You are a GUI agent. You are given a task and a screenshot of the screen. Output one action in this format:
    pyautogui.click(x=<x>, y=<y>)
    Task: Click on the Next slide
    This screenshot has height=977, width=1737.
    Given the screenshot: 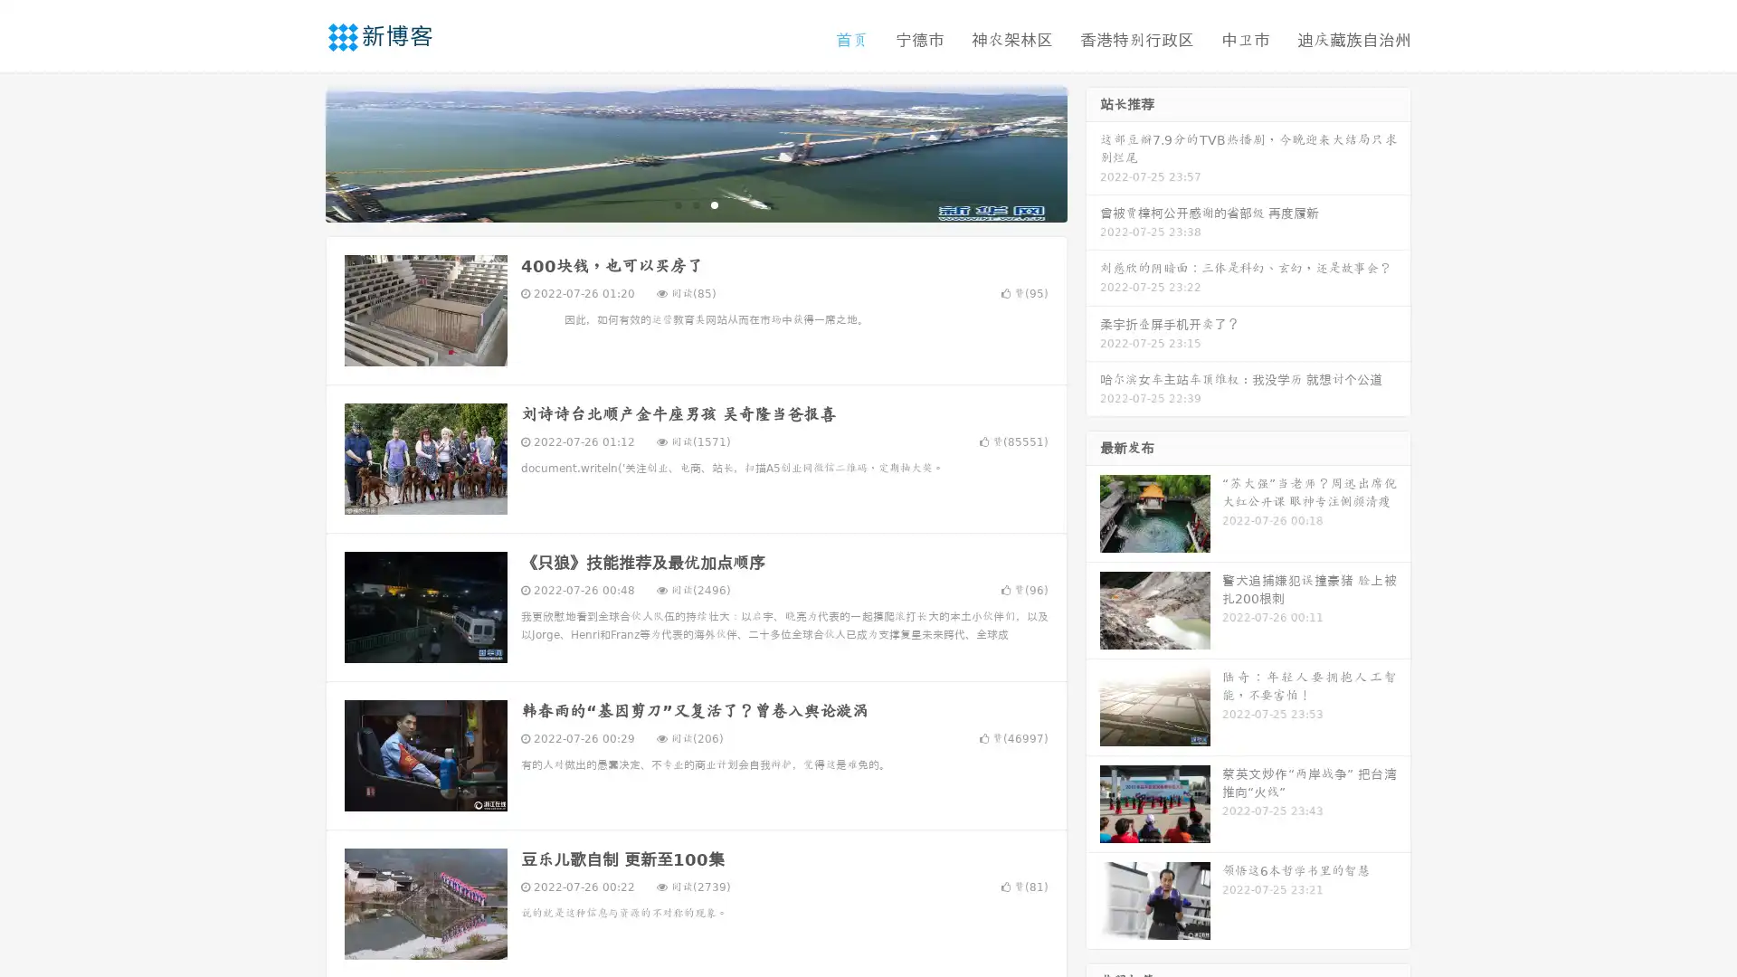 What is the action you would take?
    pyautogui.click(x=1093, y=152)
    